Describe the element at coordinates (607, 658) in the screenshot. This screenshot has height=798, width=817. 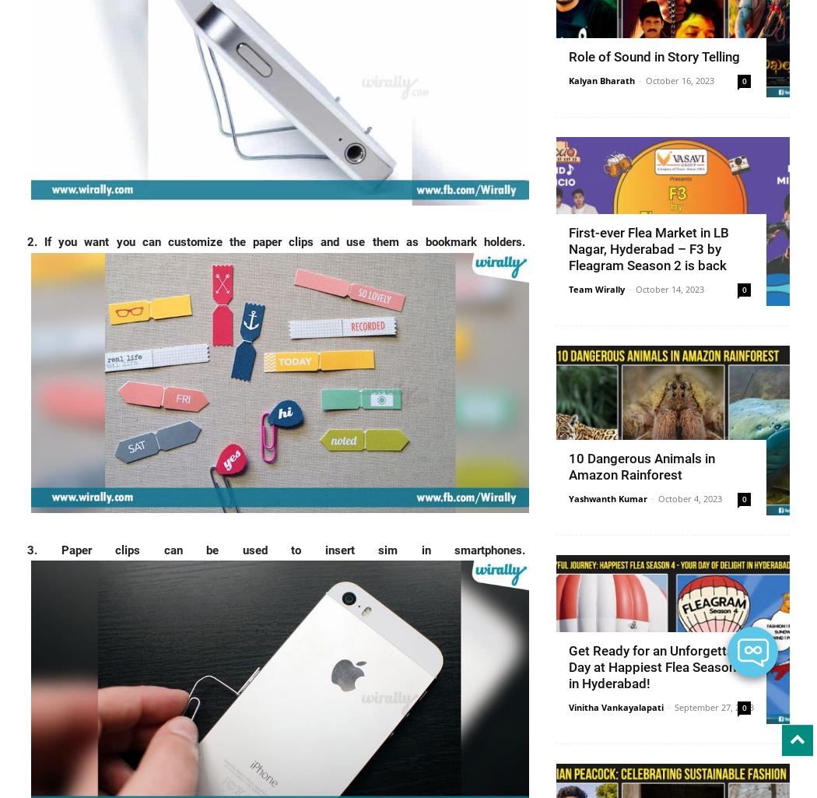
I see `'RRR Rampage In Japan: All The Spectacular Records Of RRR Movie In Japan...'` at that location.